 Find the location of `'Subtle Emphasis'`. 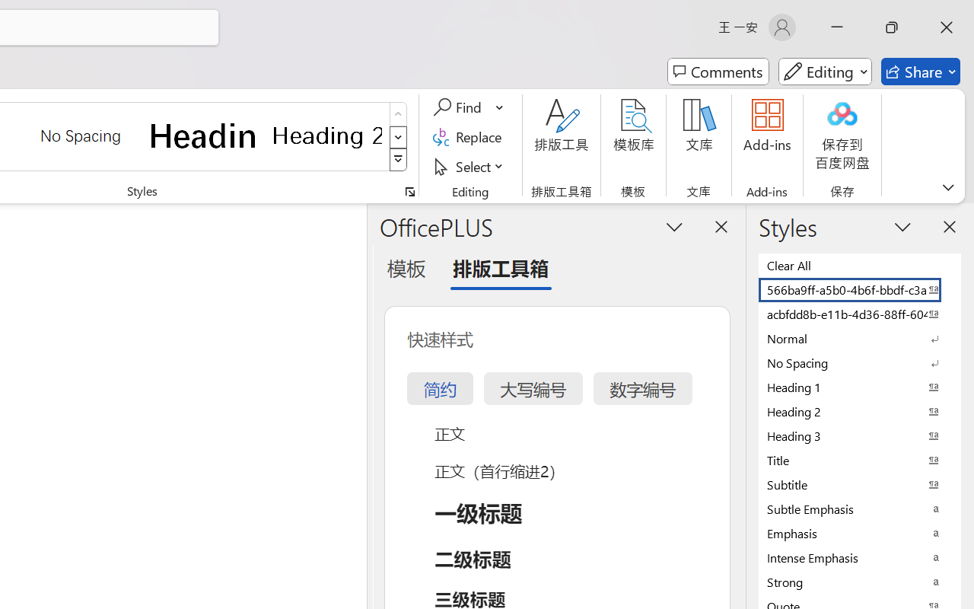

'Subtle Emphasis' is located at coordinates (860, 509).